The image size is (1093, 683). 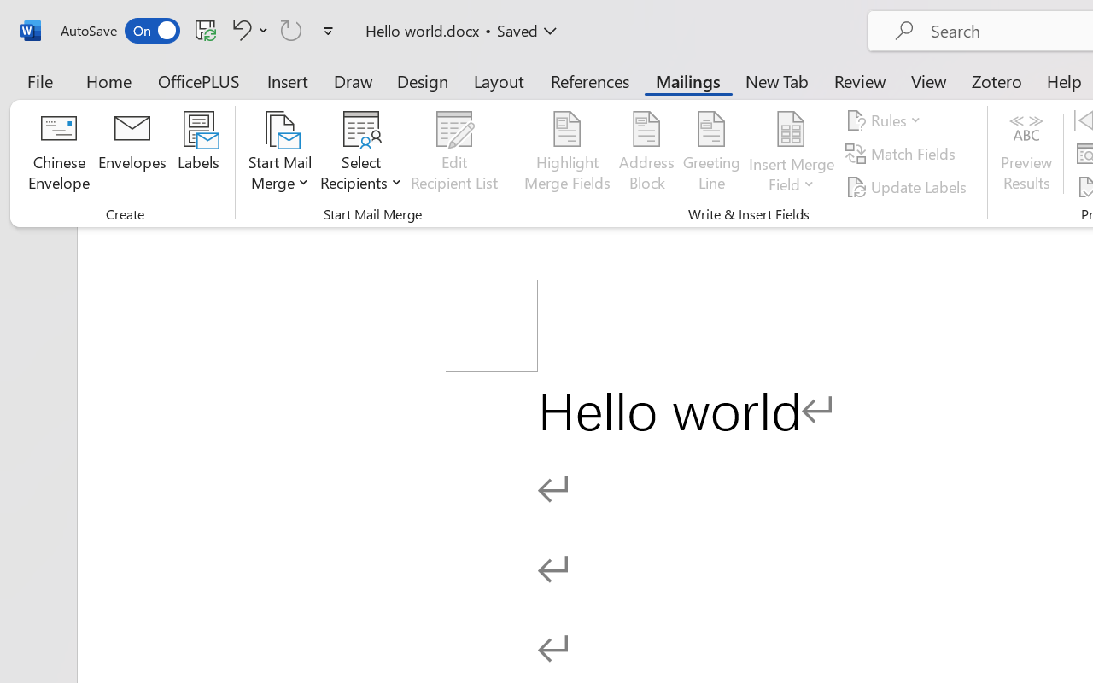 What do you see at coordinates (902, 153) in the screenshot?
I see `'Match Fields...'` at bounding box center [902, 153].